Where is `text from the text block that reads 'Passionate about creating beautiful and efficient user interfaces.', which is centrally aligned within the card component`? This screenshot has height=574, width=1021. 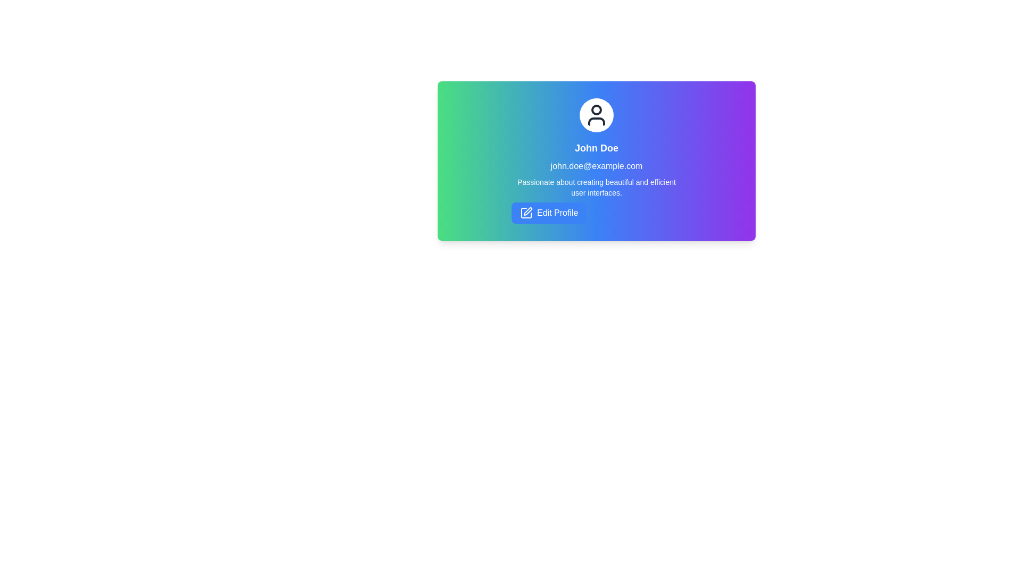 text from the text block that reads 'Passionate about creating beautiful and efficient user interfaces.', which is centrally aligned within the card component is located at coordinates (597, 187).